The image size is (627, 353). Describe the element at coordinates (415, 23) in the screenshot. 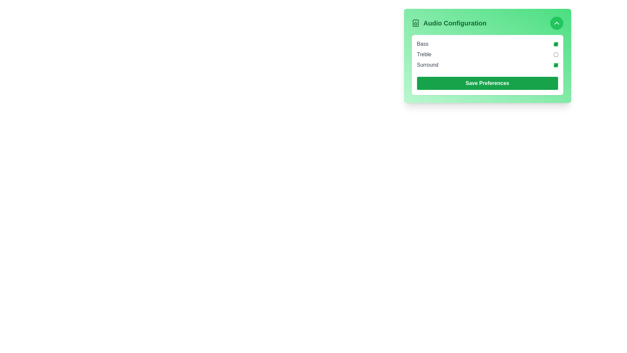

I see `the rectangular element with rounded corners within the speaker icon, located to the left of the 'Audio Configuration' heading in the audio configuration panel` at that location.